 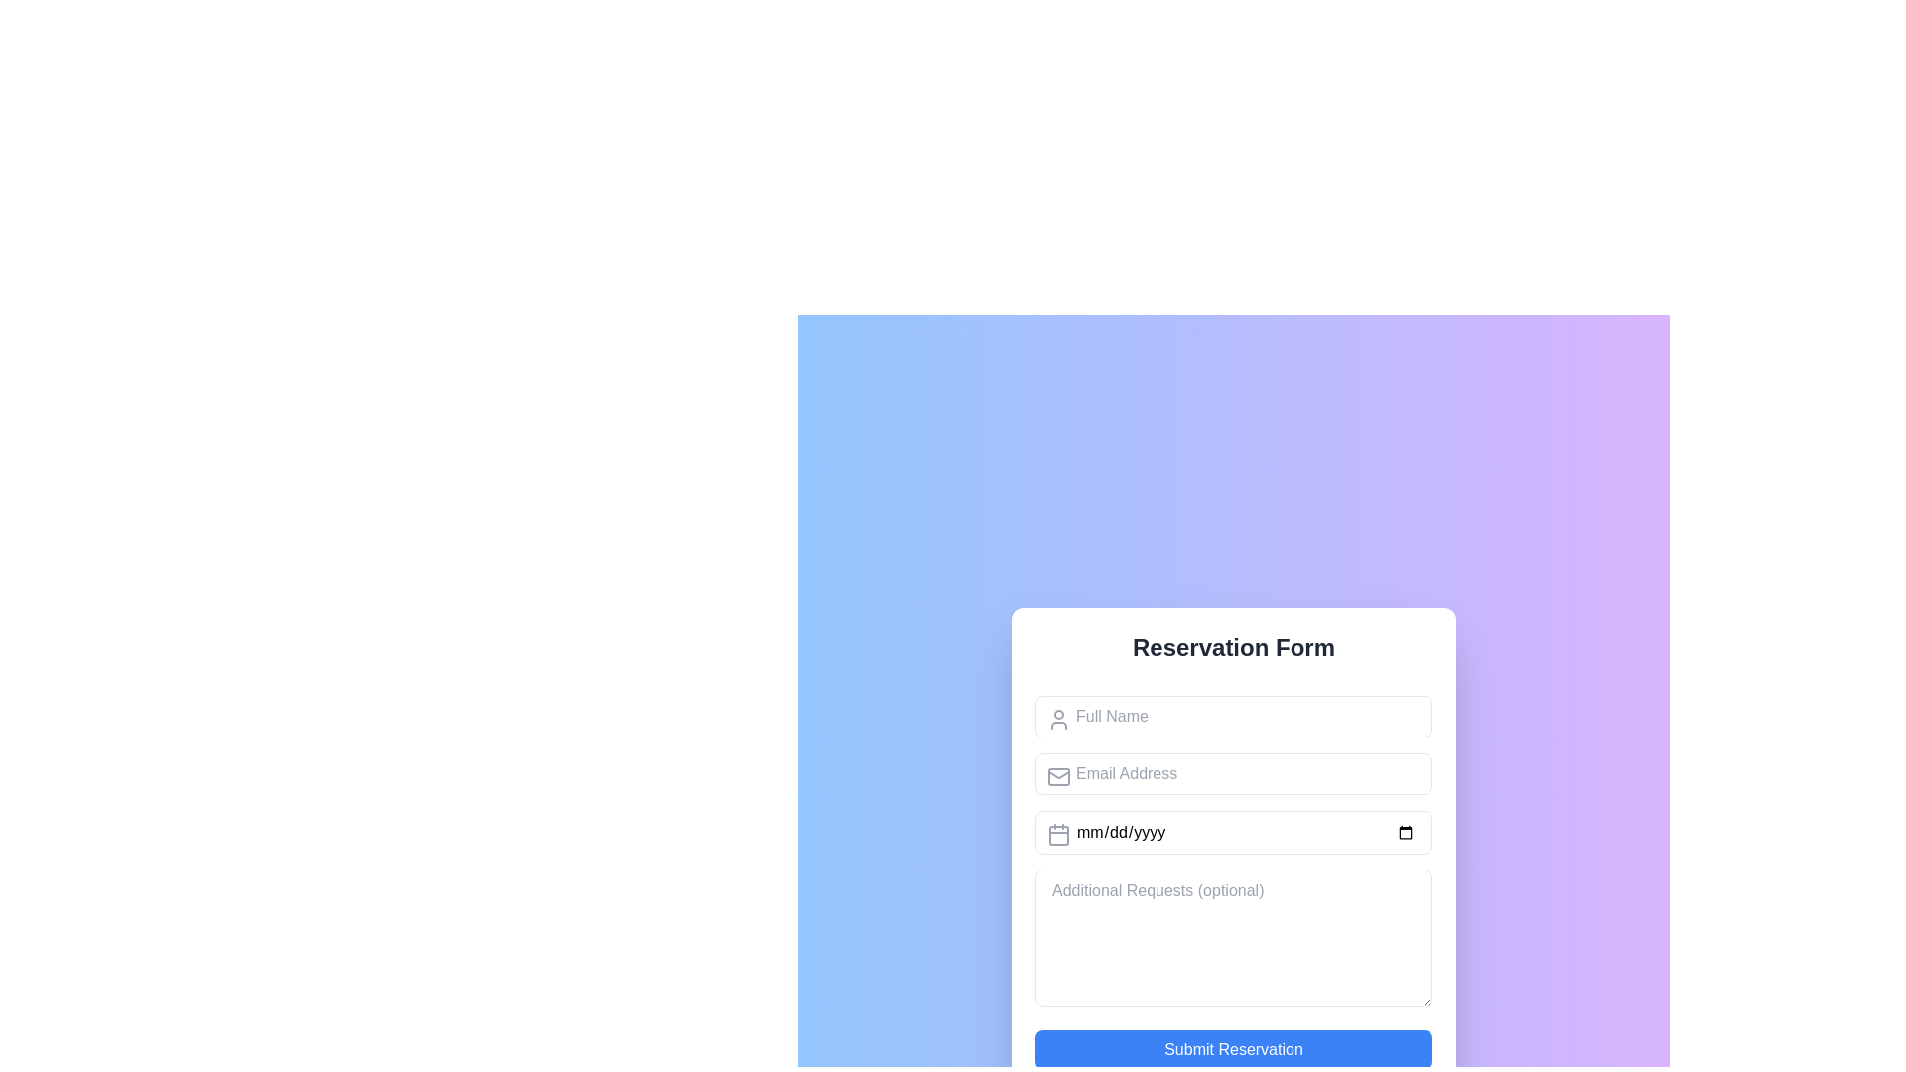 I want to click on the Date input field in the Reservation Form to input a reservation date, so click(x=1233, y=831).